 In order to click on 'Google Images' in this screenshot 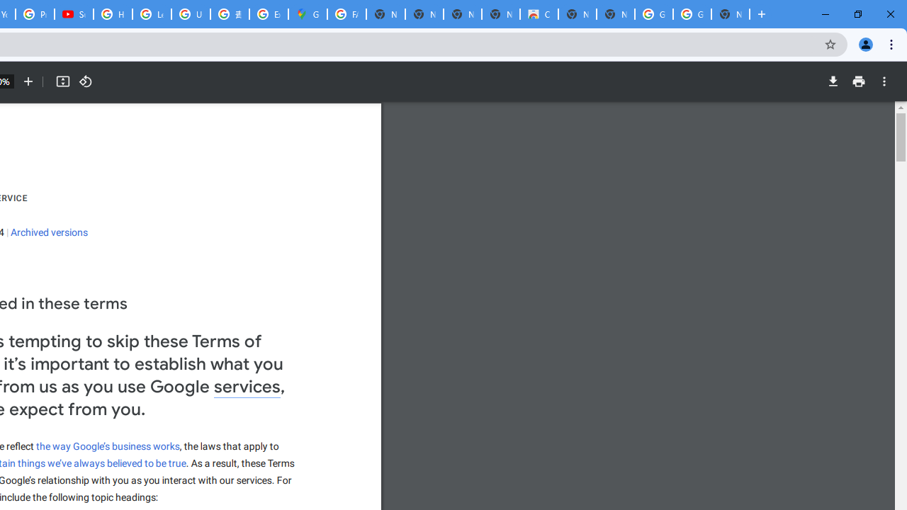, I will do `click(692, 14)`.